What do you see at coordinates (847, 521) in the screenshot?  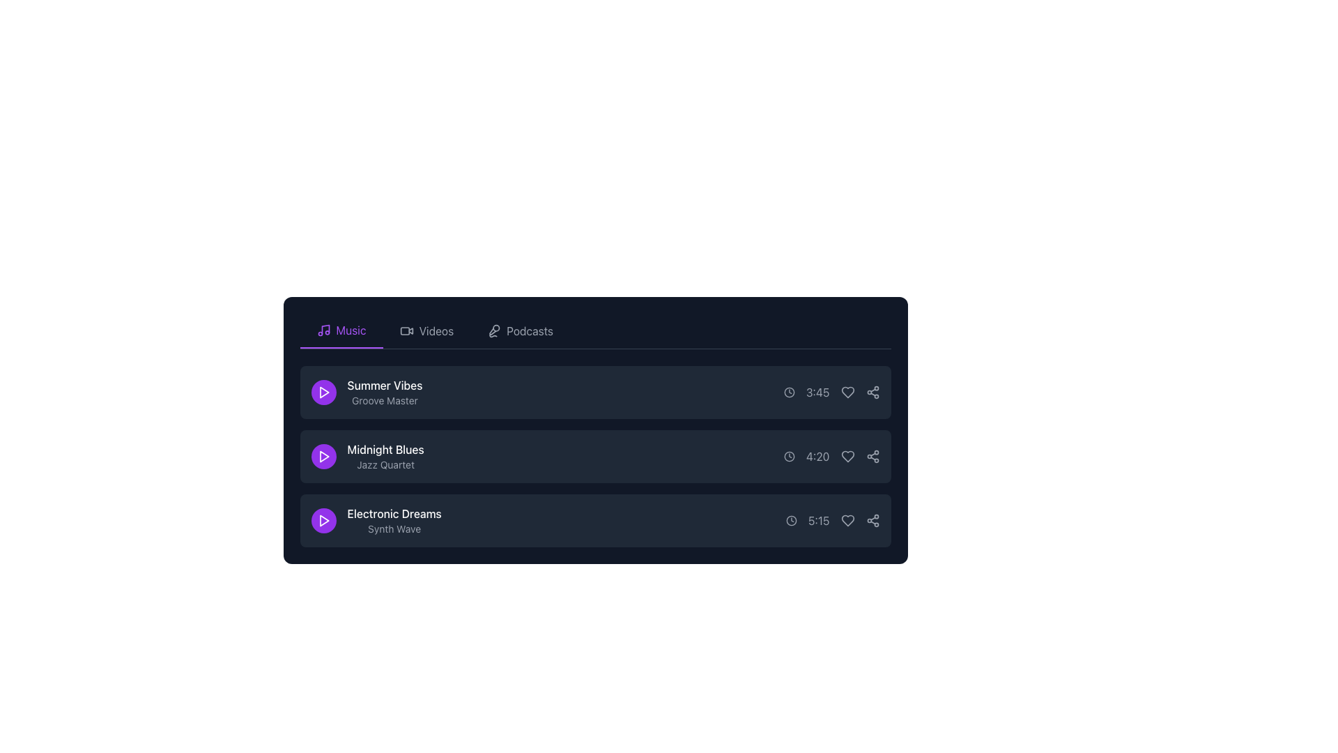 I see `the like icon located on the right side of the last audio track item 'Electronic Dreams', which is in the same row as the play duration and share icon` at bounding box center [847, 521].